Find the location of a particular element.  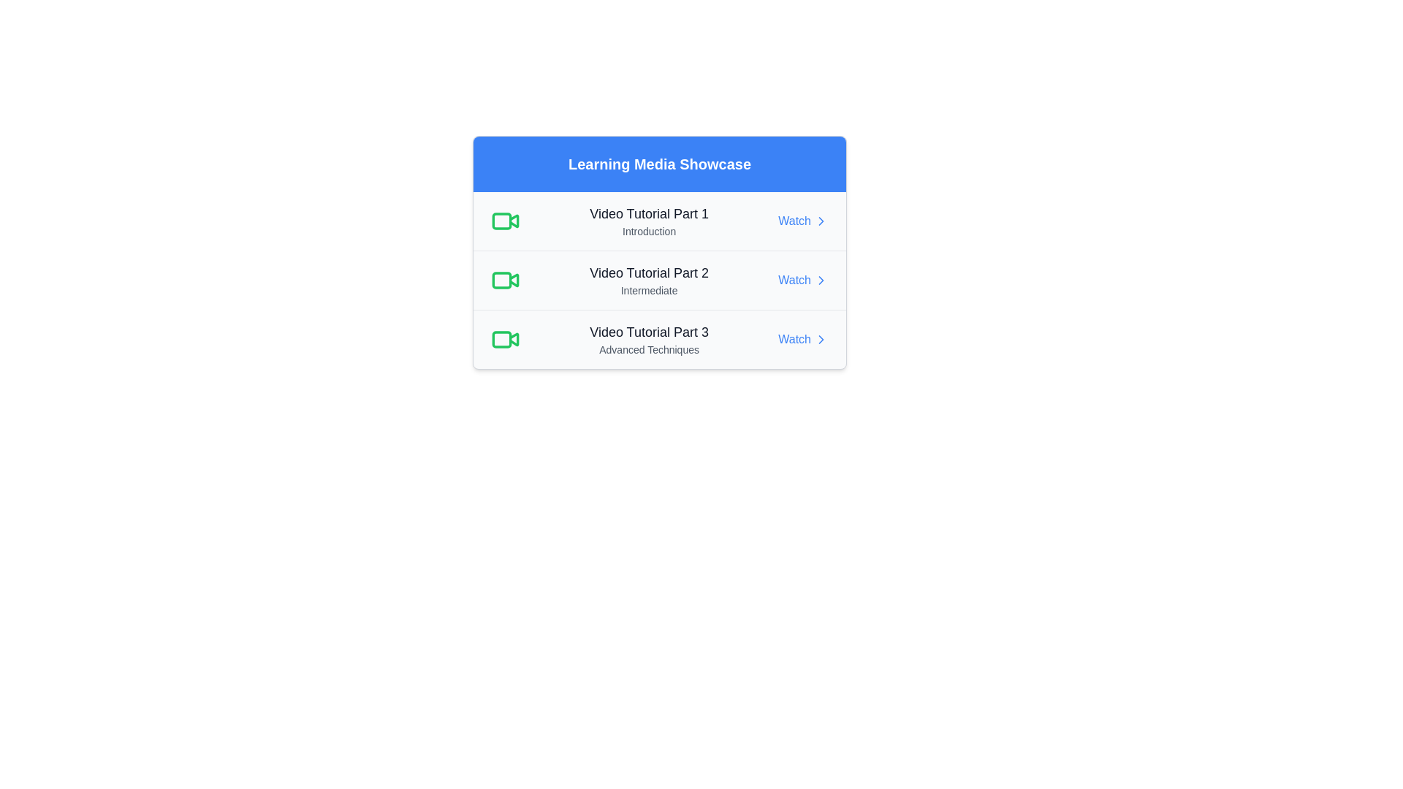

the Text Label element that displays the word 'Intermediate', which is styled in small gray text and located beneath the title 'Video Tutorial Part 2' is located at coordinates (648, 290).